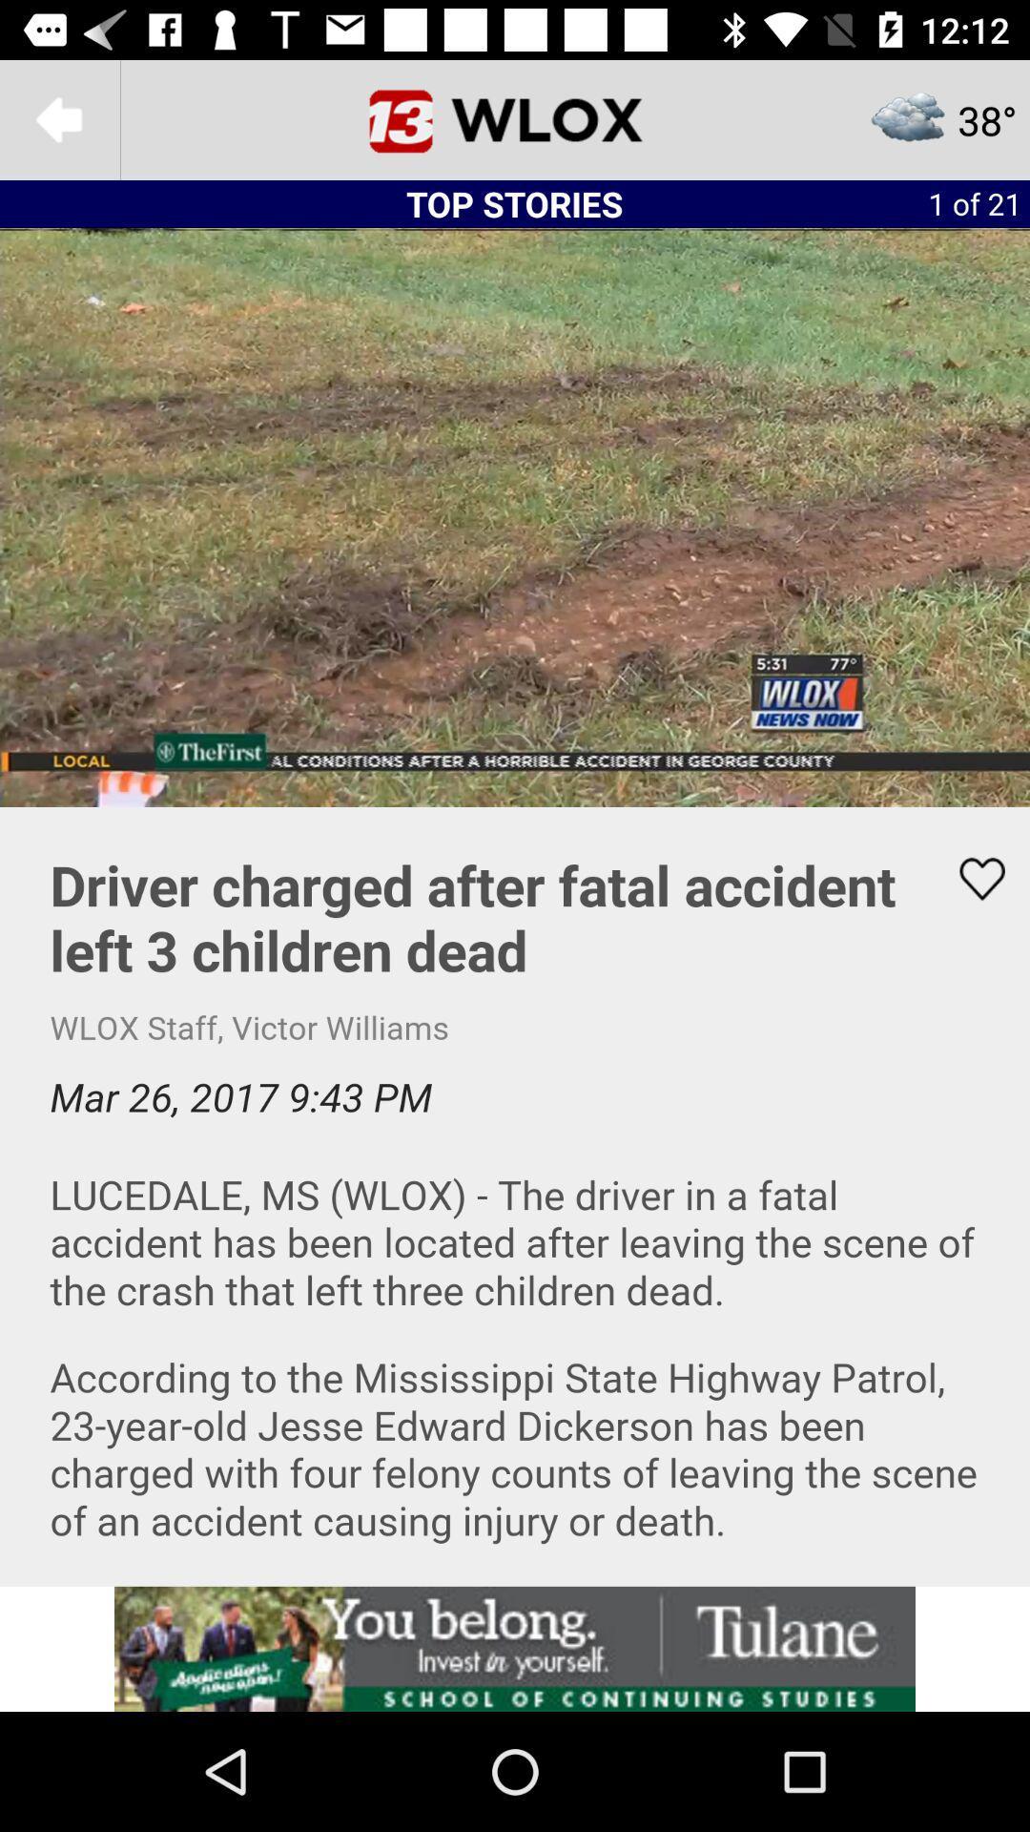 The height and width of the screenshot is (1832, 1030). I want to click on the arrow_backward icon, so click(58, 118).